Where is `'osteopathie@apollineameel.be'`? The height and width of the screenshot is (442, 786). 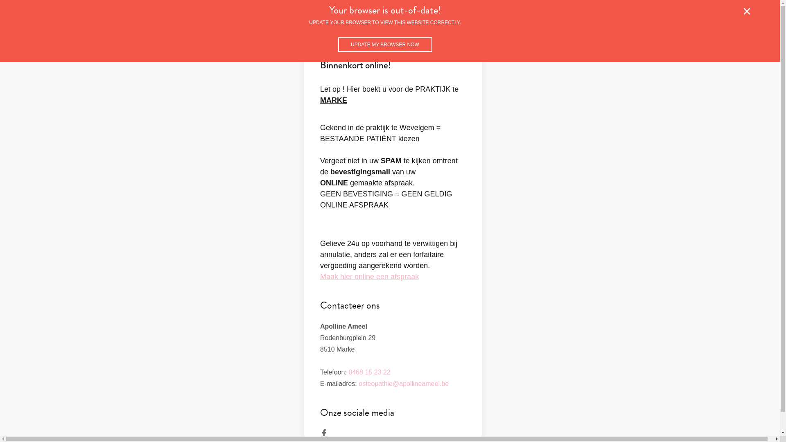 'osteopathie@apollineameel.be' is located at coordinates (358, 383).